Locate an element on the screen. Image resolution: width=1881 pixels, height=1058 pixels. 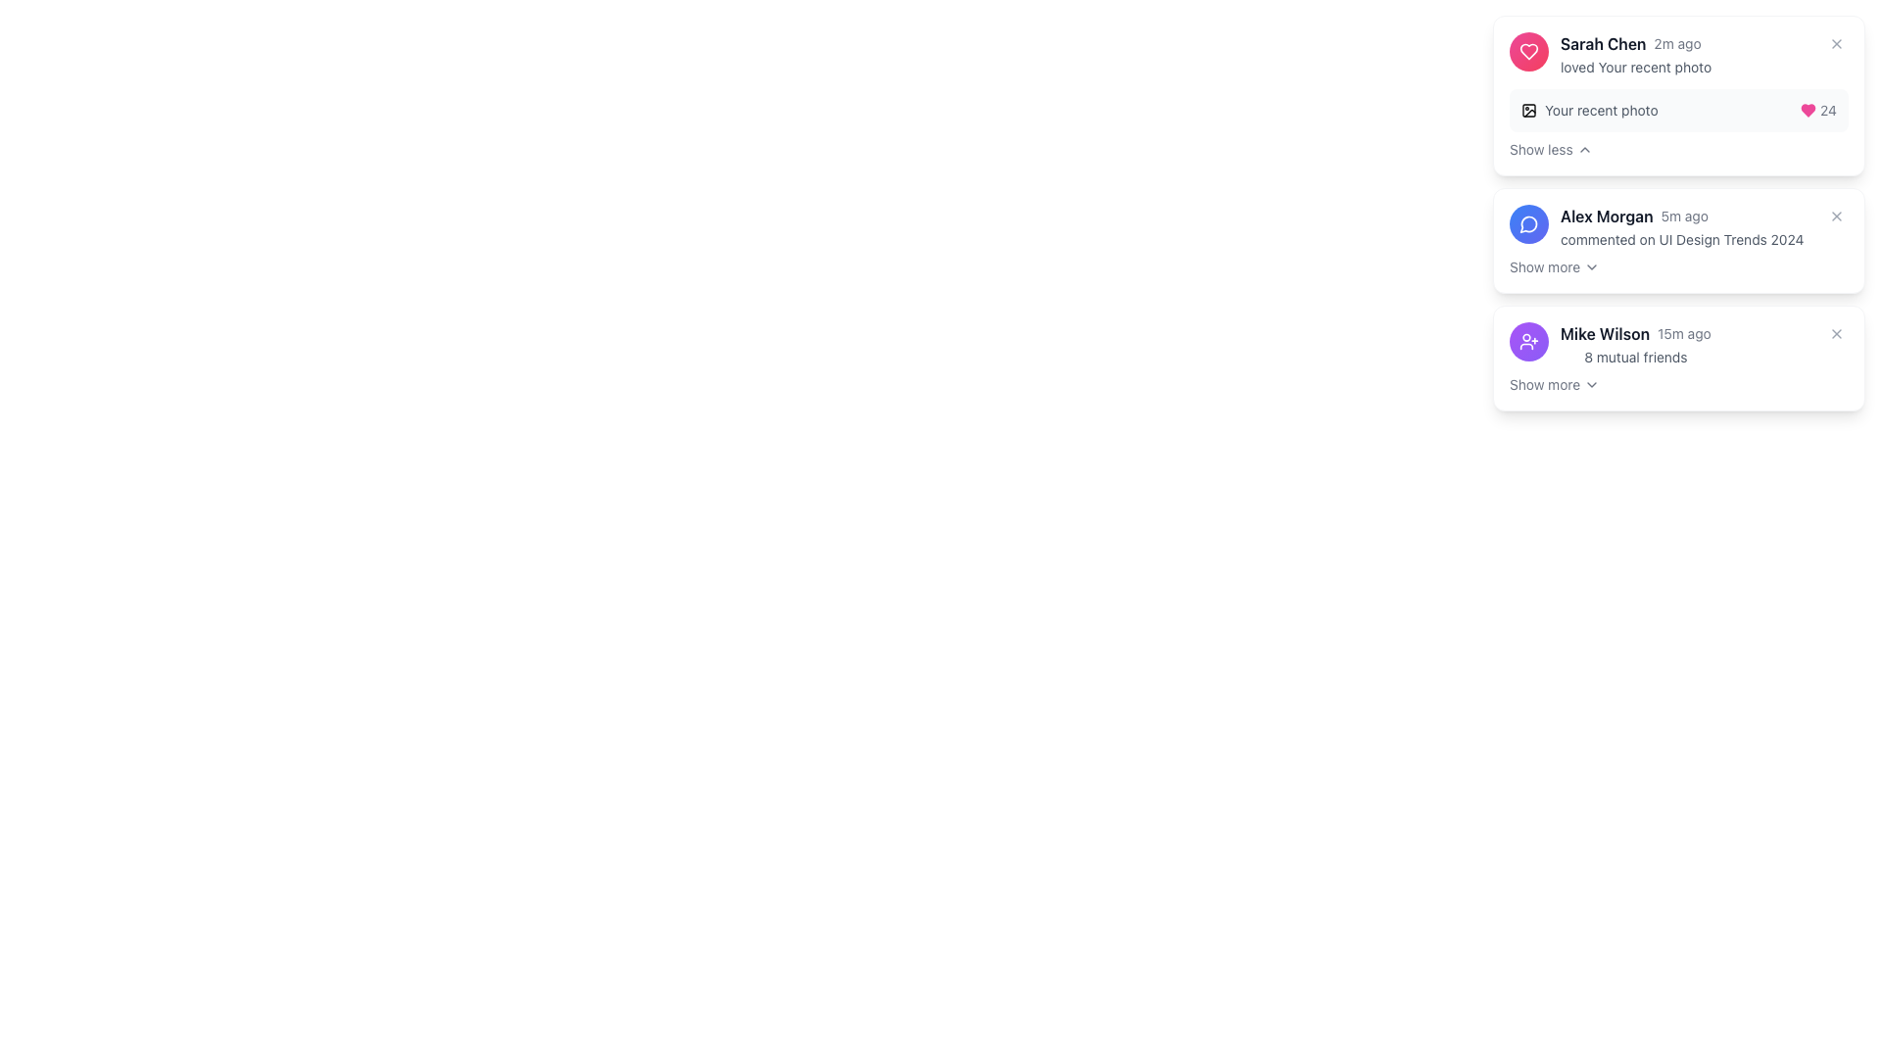
the text label displaying 'loved Your recent photo' which is styled in gray and positioned below the user name 'Sarah Chen' is located at coordinates (1636, 67).